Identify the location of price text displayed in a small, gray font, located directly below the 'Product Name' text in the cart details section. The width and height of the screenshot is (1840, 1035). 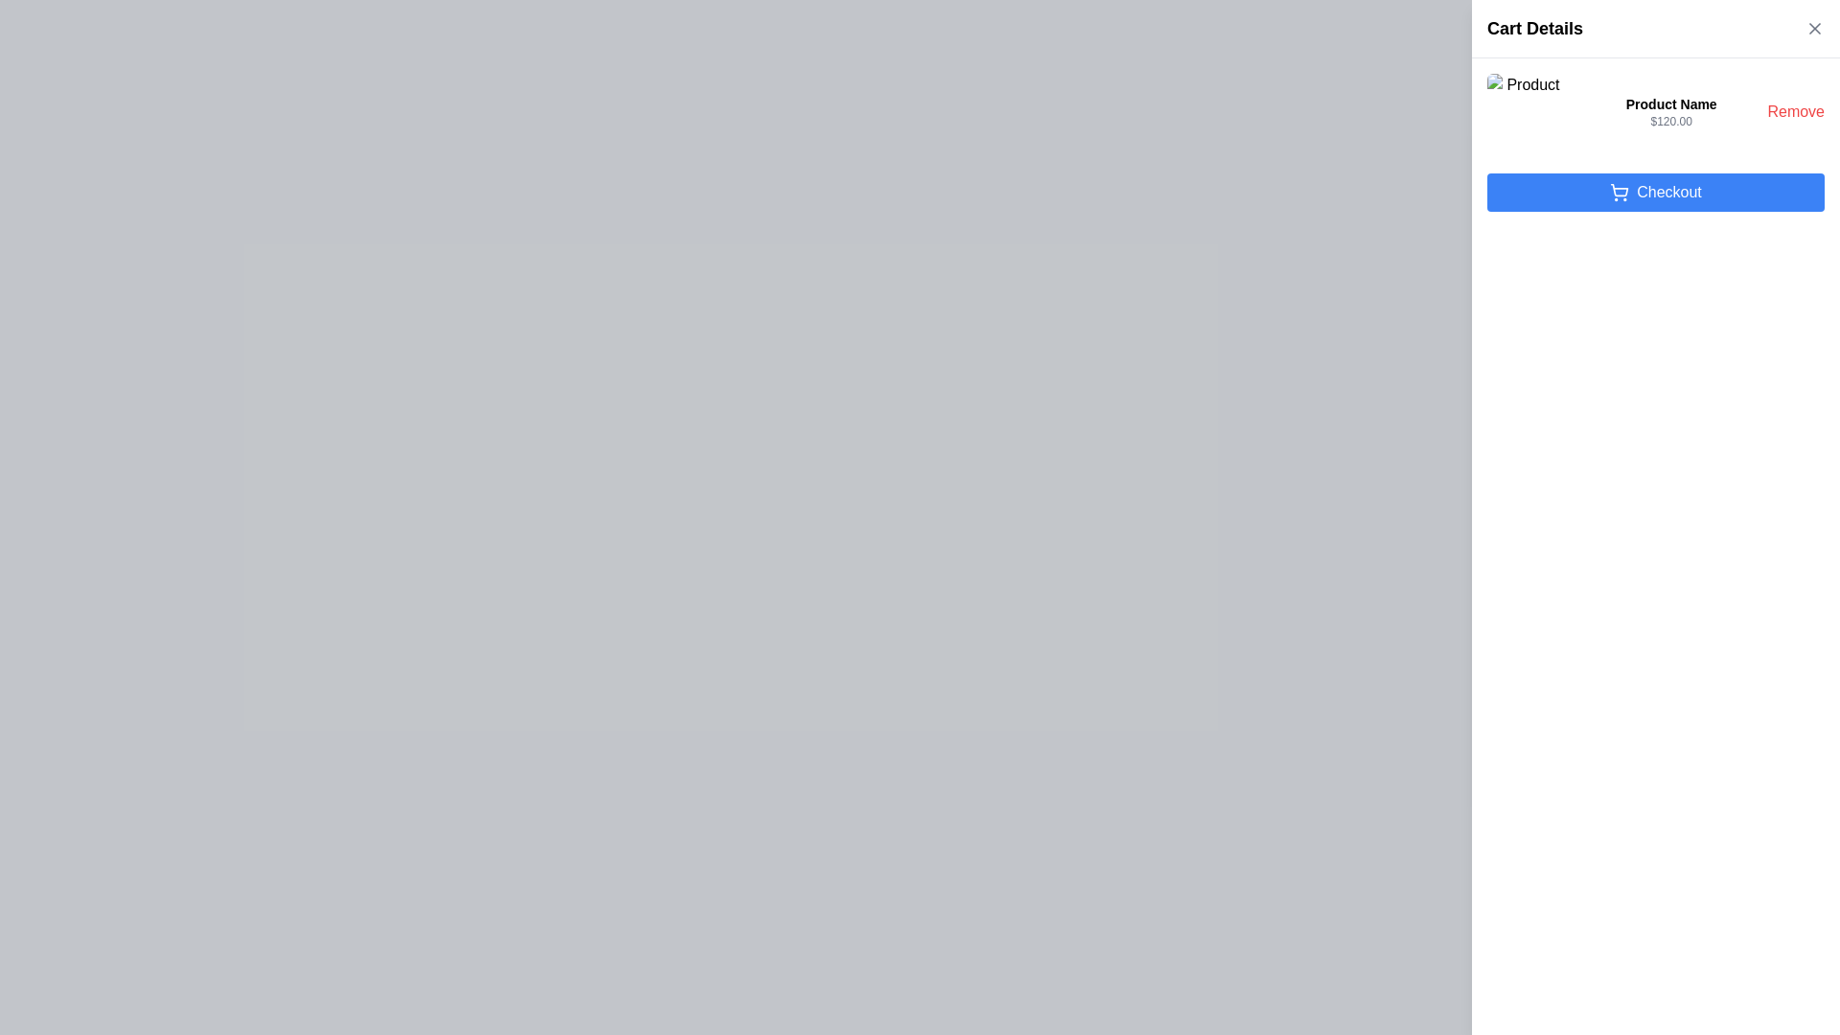
(1670, 122).